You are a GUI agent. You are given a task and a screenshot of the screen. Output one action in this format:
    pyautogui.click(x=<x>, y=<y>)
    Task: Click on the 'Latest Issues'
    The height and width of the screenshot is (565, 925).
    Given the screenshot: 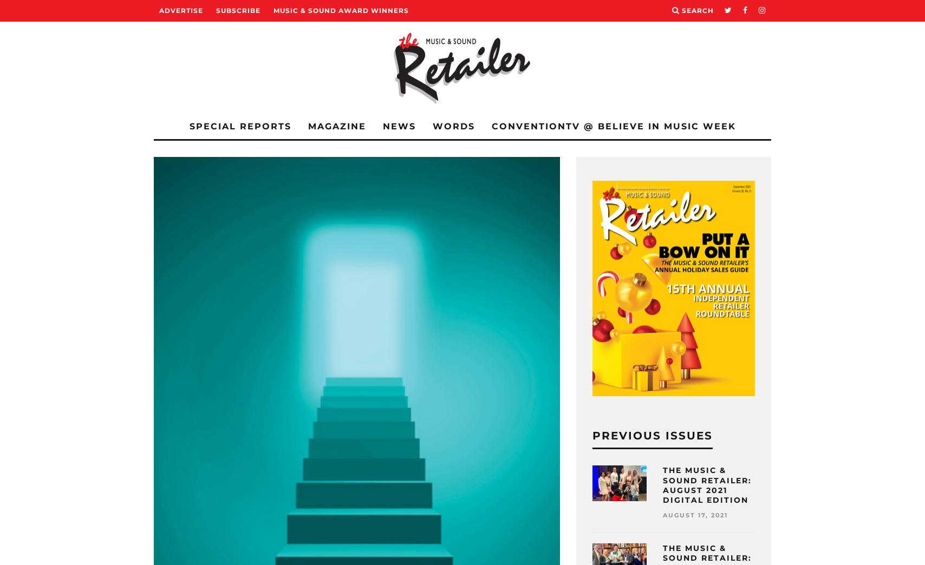 What is the action you would take?
    pyautogui.click(x=181, y=168)
    